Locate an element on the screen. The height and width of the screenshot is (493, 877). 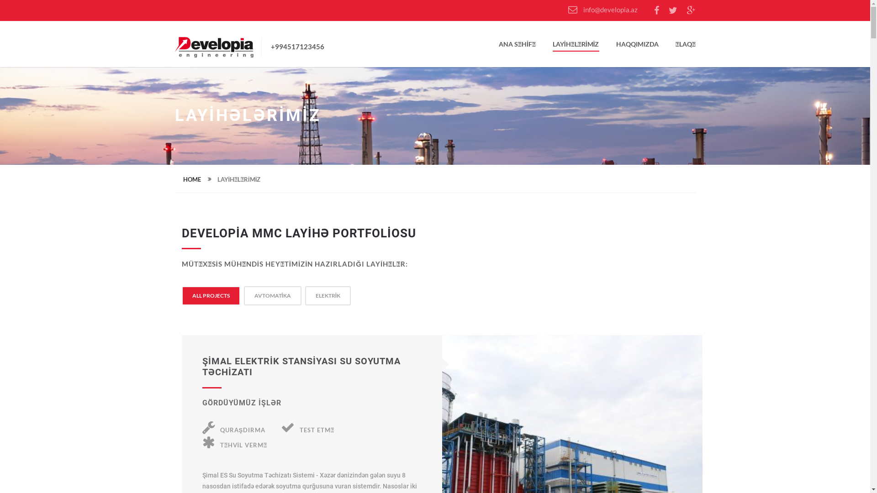
'HAQQIMIZDA' is located at coordinates (616, 46).